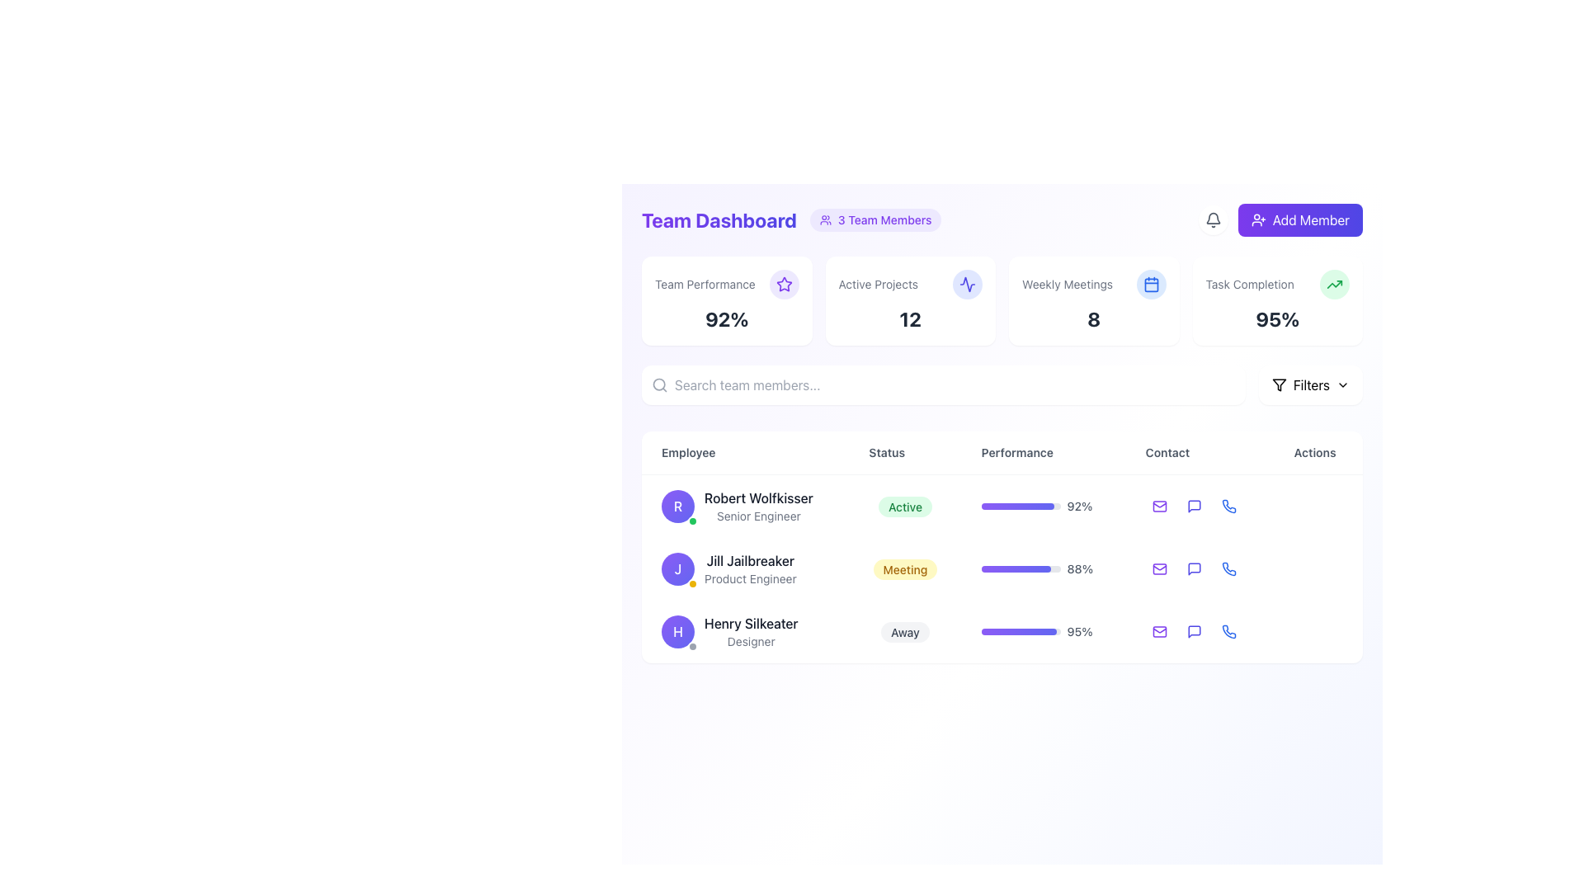 The image size is (1584, 891). What do you see at coordinates (677, 631) in the screenshot?
I see `the decorative avatar representing user 'Henry Silkeater' located in the leftmost section of the list entry` at bounding box center [677, 631].